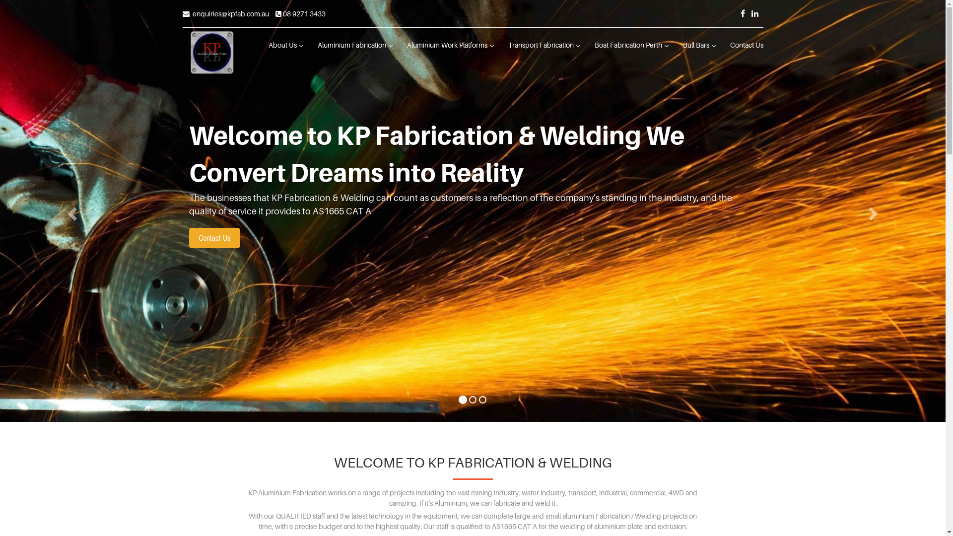 The height and width of the screenshot is (536, 953). What do you see at coordinates (698, 45) in the screenshot?
I see `'Bull Bars'` at bounding box center [698, 45].